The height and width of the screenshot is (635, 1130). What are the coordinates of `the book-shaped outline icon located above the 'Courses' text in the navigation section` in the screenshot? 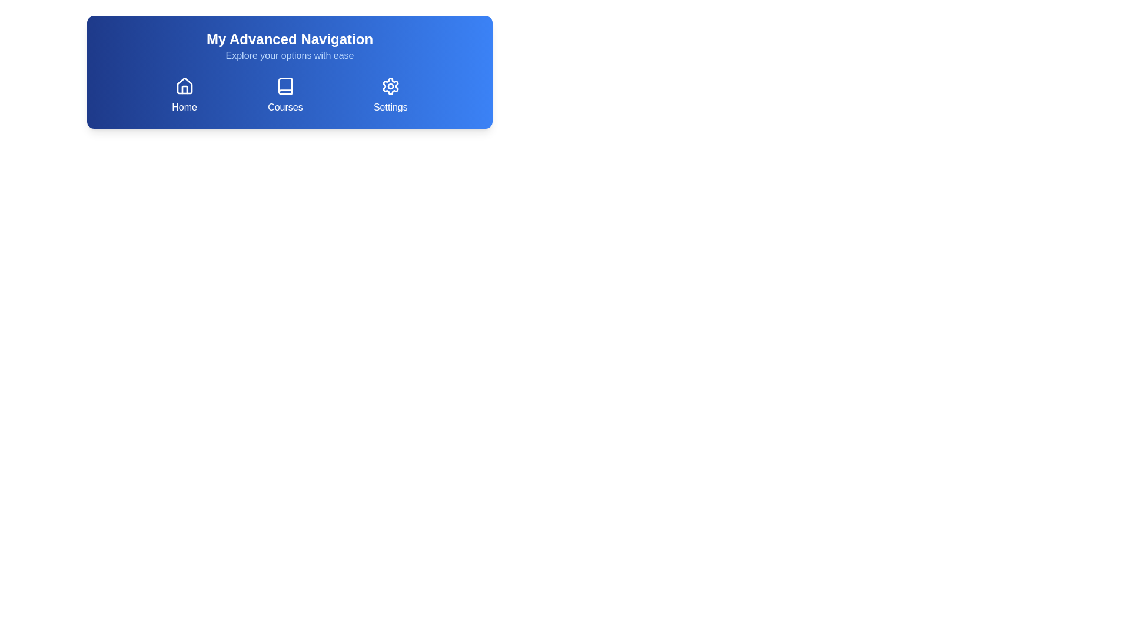 It's located at (285, 85).